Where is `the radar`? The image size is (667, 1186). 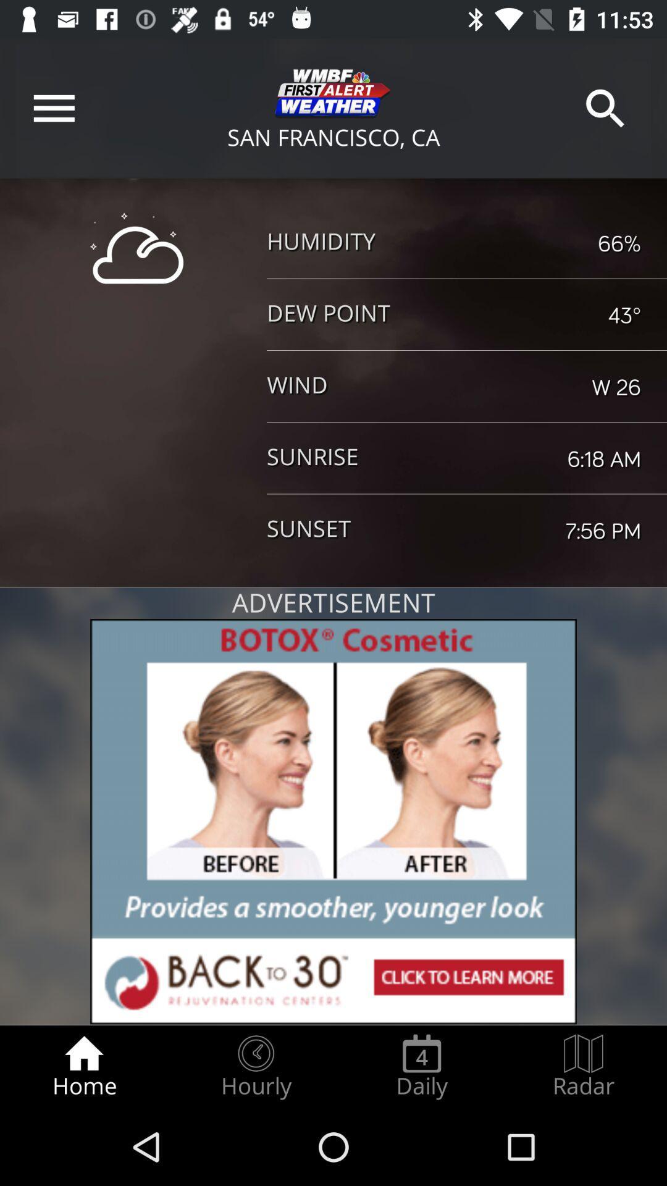 the radar is located at coordinates (584, 1066).